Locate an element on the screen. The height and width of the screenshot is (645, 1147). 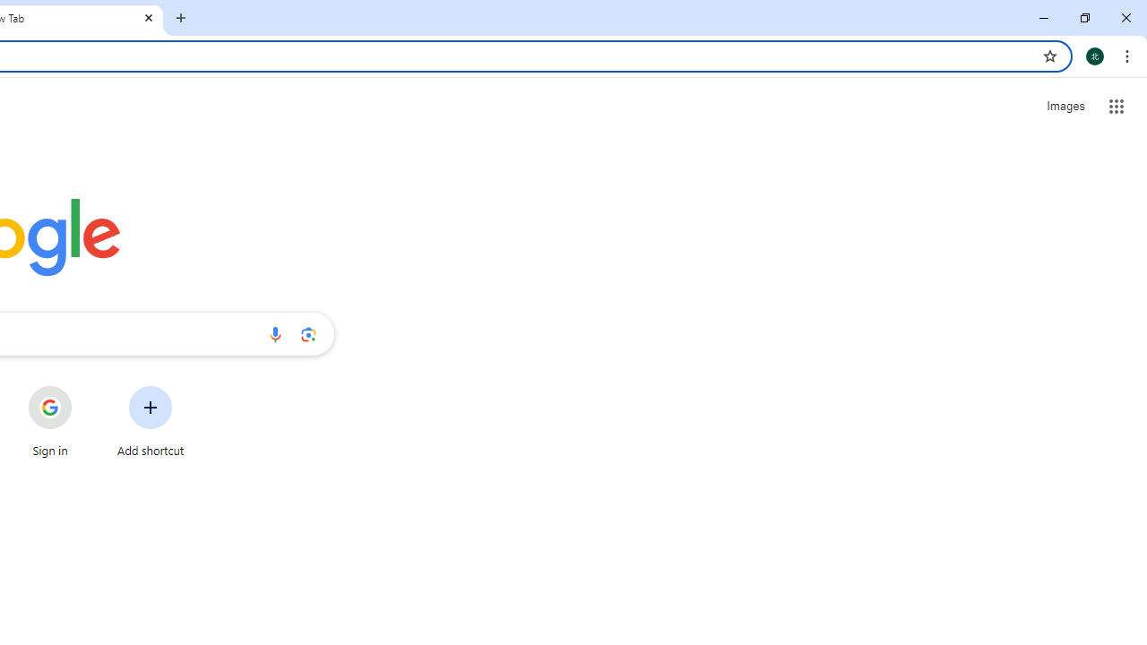
'Search by voice' is located at coordinates (274, 333).